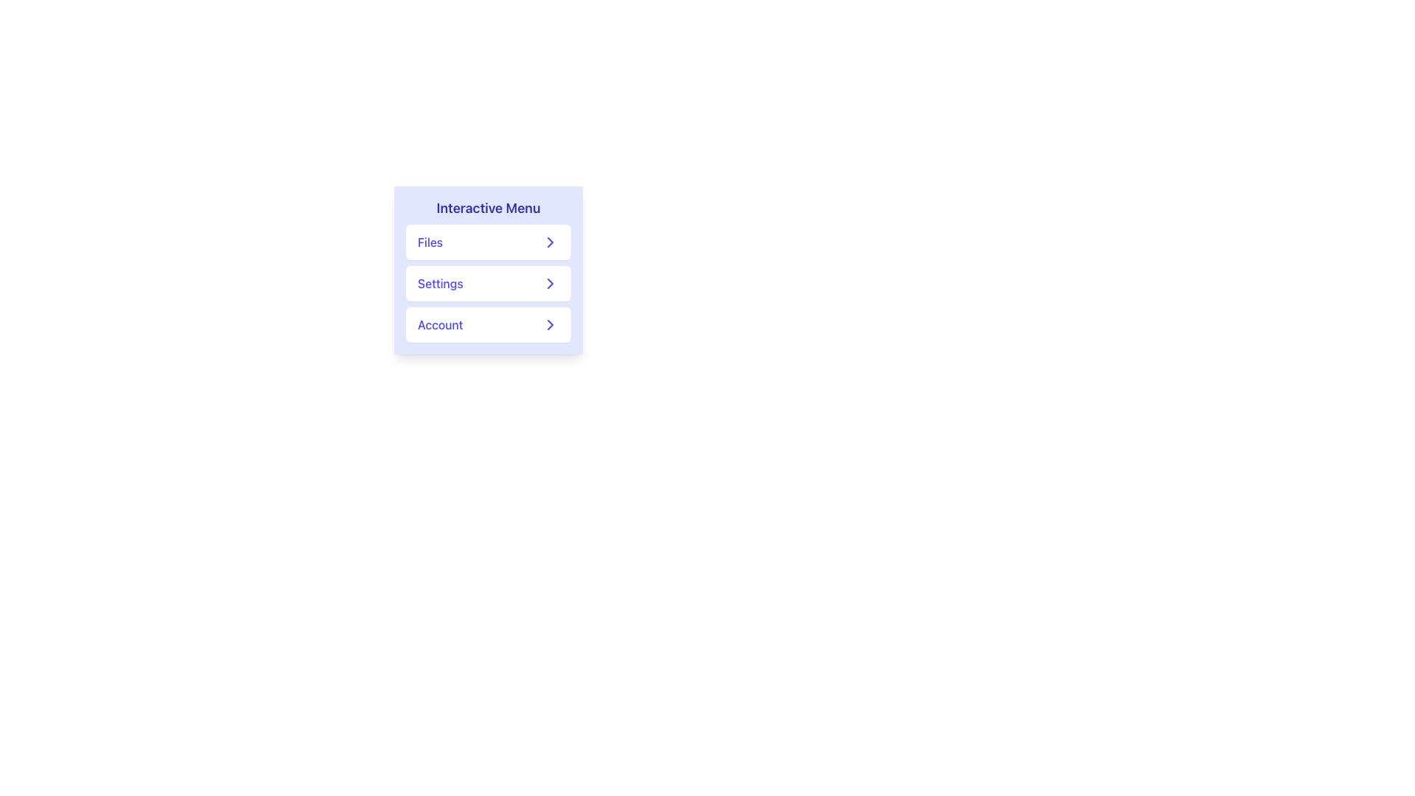 This screenshot has width=1415, height=796. What do you see at coordinates (550, 324) in the screenshot?
I see `the right-facing chevron arrow icon located at the rightmost part of the 'Account' menu item` at bounding box center [550, 324].